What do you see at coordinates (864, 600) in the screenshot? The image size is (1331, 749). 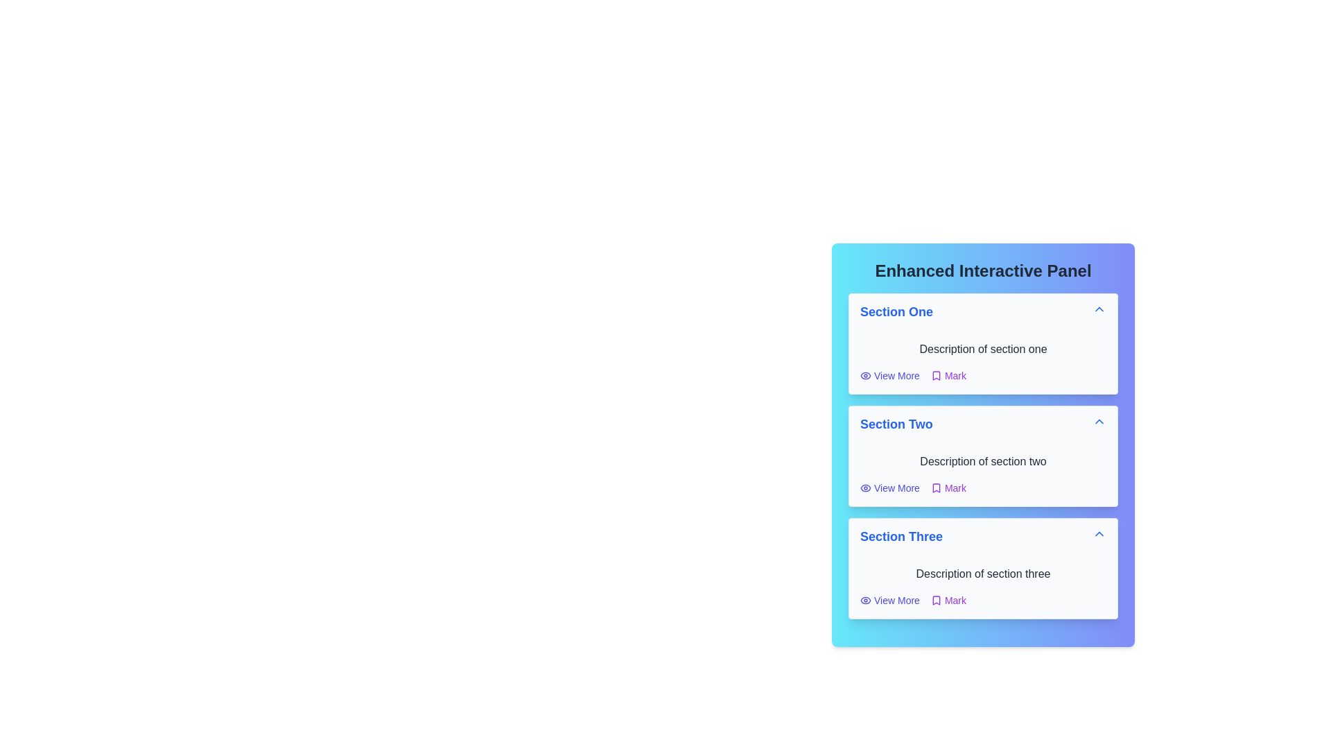 I see `the 'View More' icon located to the left of the 'View More' text in the 'Section Three' area` at bounding box center [864, 600].